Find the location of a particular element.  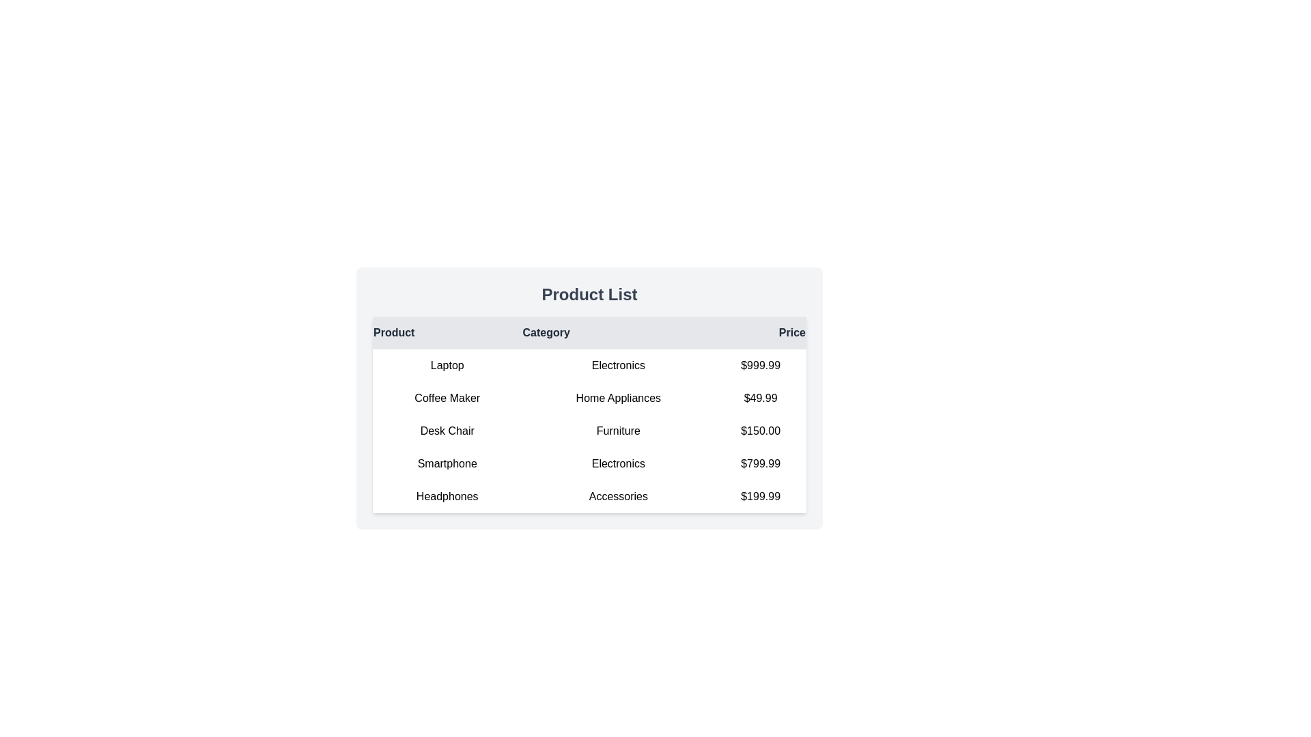

the label indicating the product category in the second column of the third row of the table, which is adjacent to 'Desk Chair' and '$150.00' is located at coordinates (617, 431).